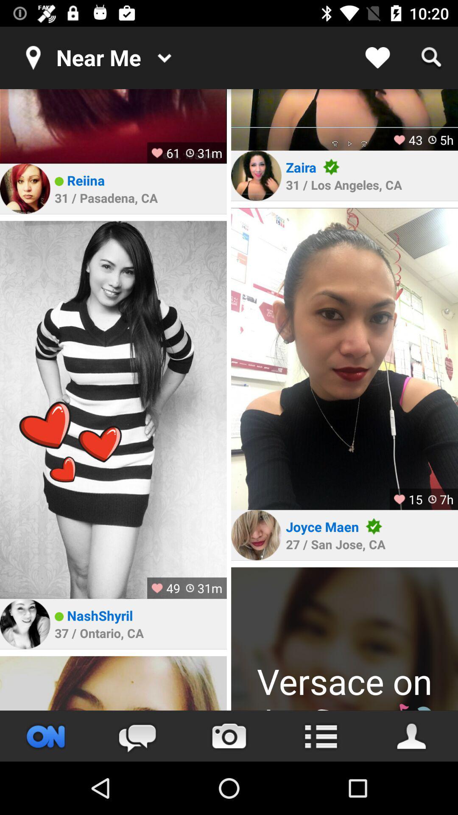 This screenshot has width=458, height=815. What do you see at coordinates (113, 410) in the screenshot?
I see `user profile` at bounding box center [113, 410].